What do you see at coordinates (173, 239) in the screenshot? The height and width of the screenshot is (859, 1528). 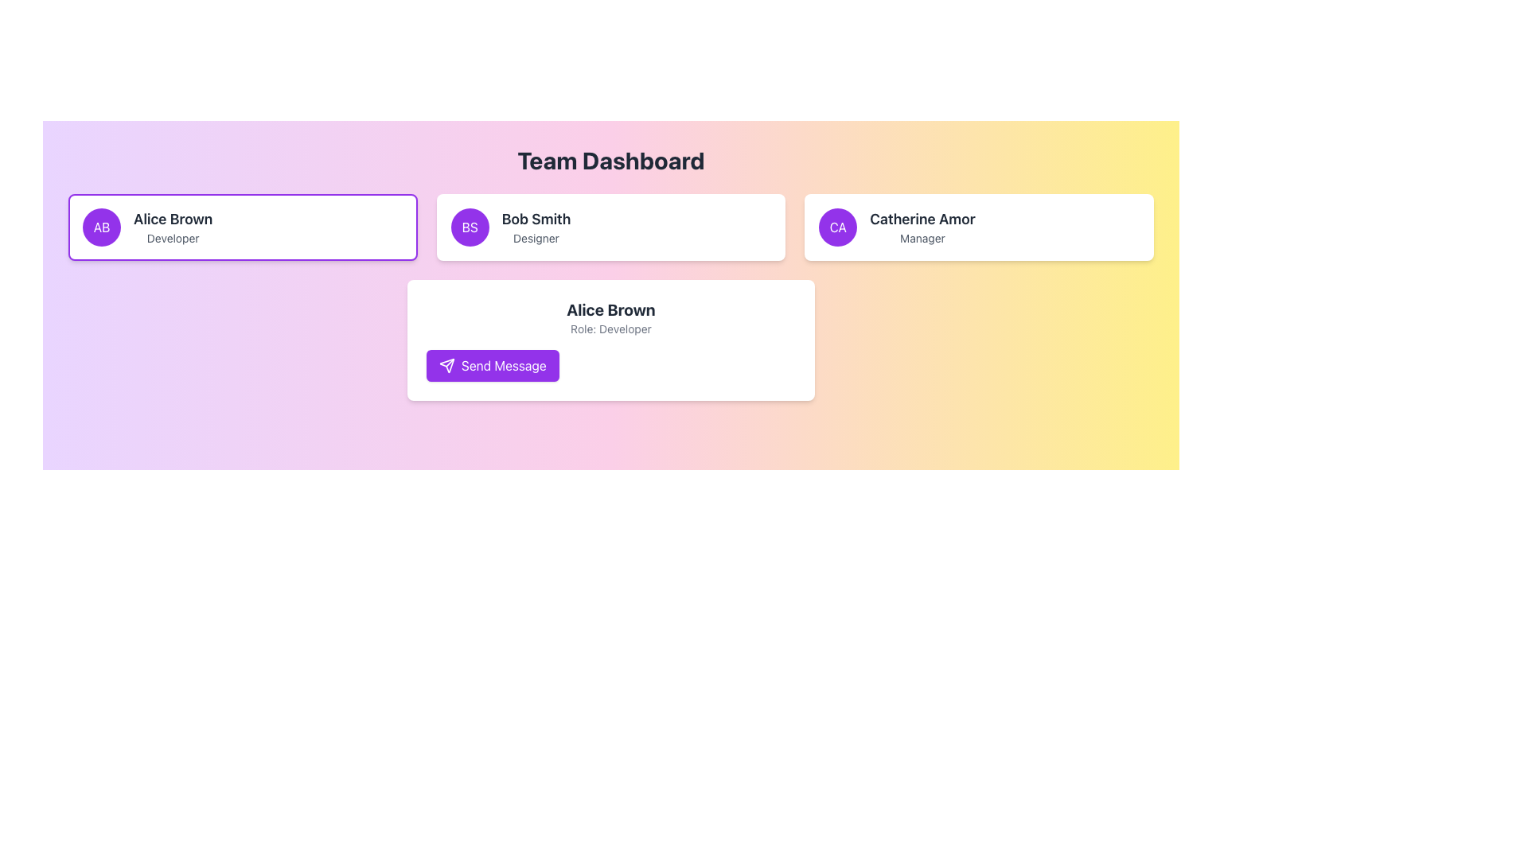 I see `the 'Developer' text label, which is presented in a small, gray font and located below 'Alice Brown' in a card layout on the left side of the interface` at bounding box center [173, 239].